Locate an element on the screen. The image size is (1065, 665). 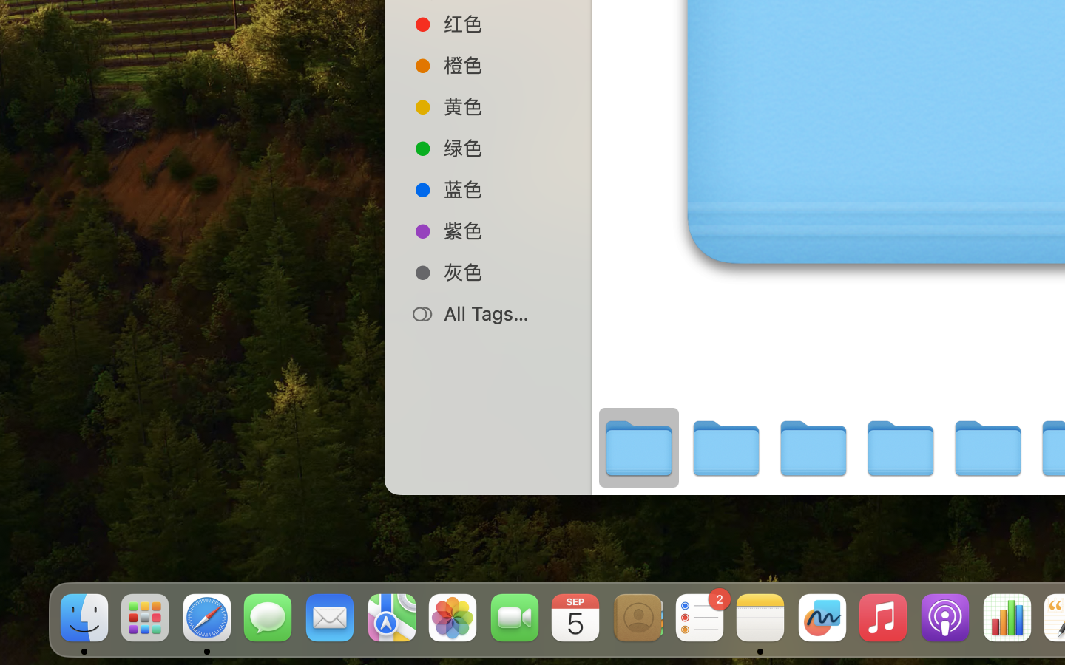
'红色' is located at coordinates (503, 23).